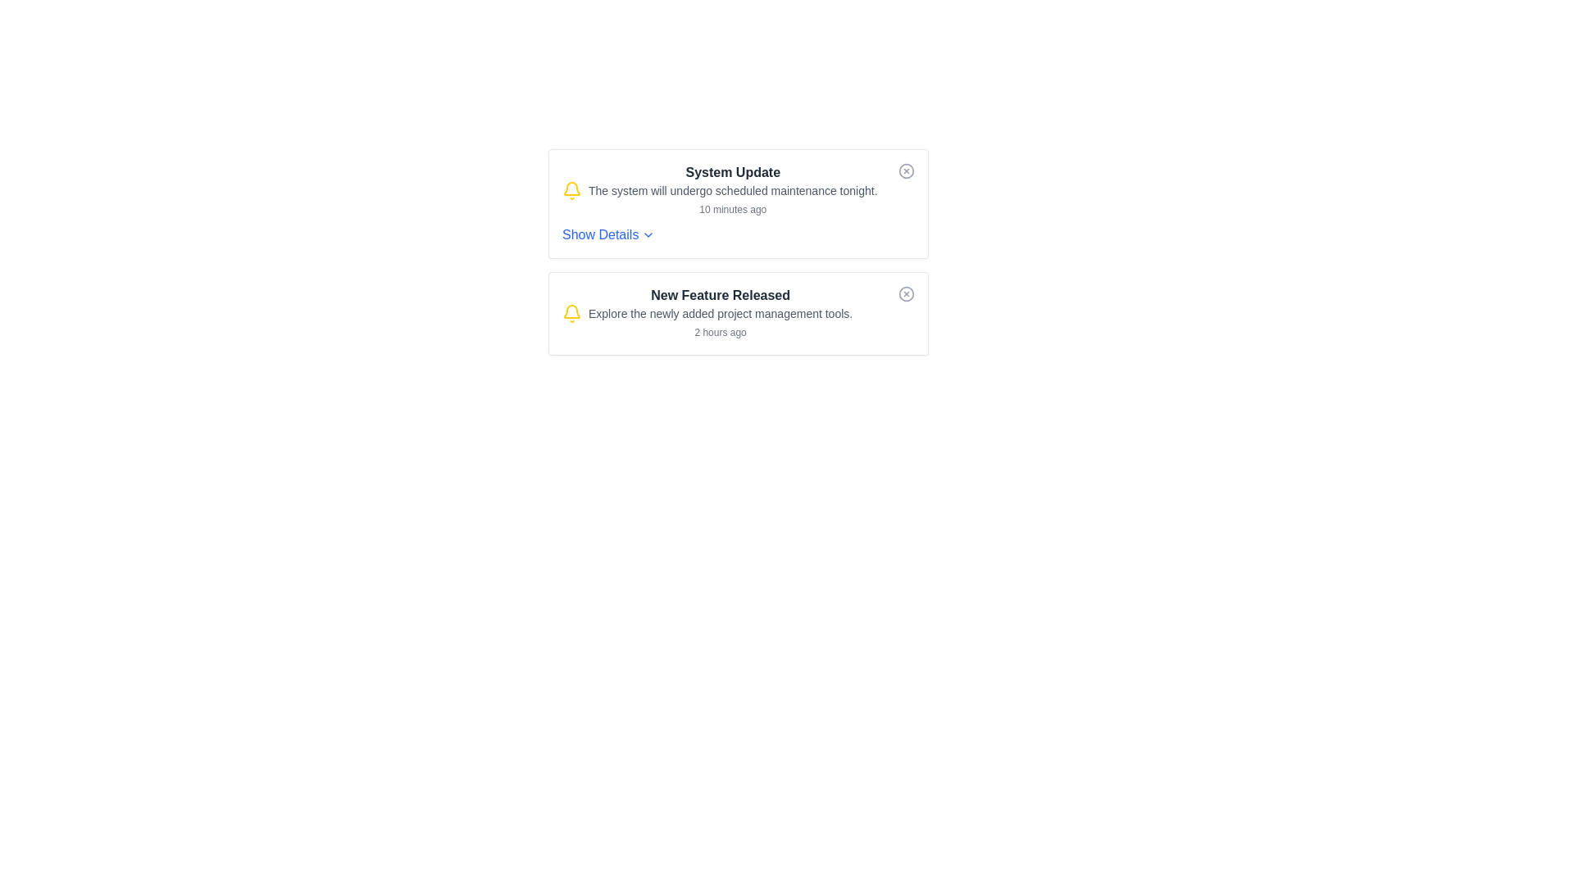 The width and height of the screenshot is (1574, 885). What do you see at coordinates (721, 313) in the screenshot?
I see `the text label that provides informational context regarding the new feature released in project management tools, located within the second notification card, below the title 'New Feature Released'` at bounding box center [721, 313].